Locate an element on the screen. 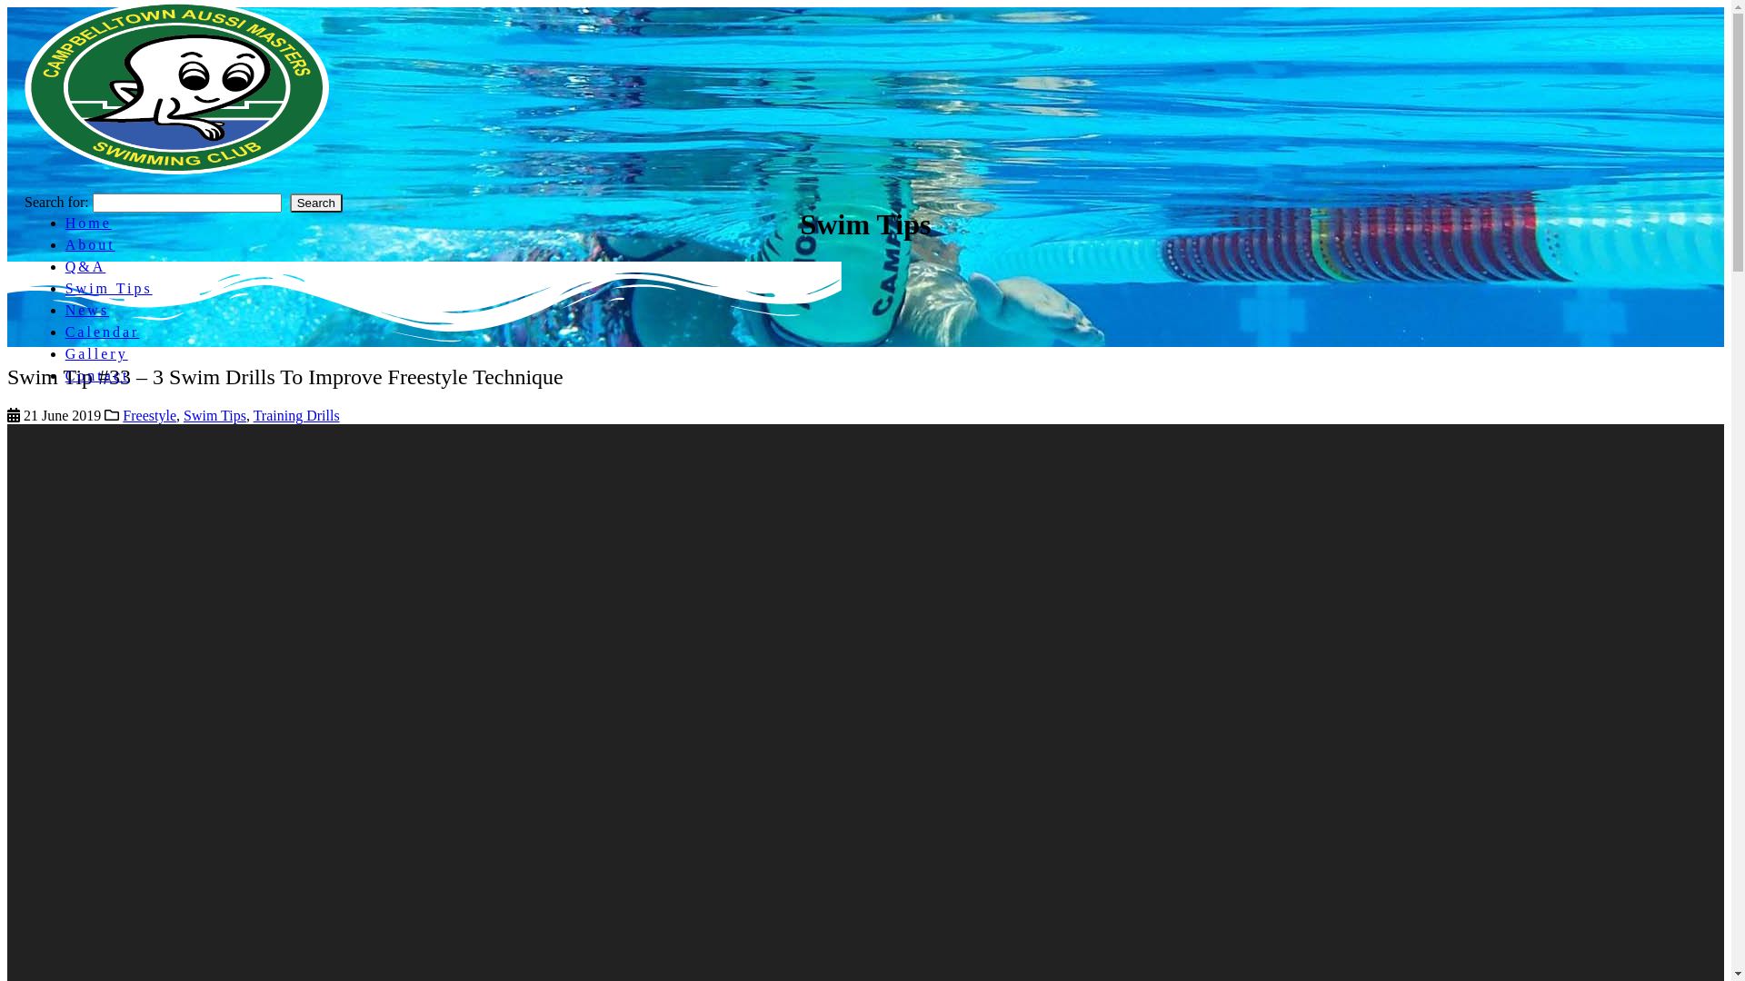 This screenshot has height=981, width=1745. 'Gallery' is located at coordinates (95, 353).